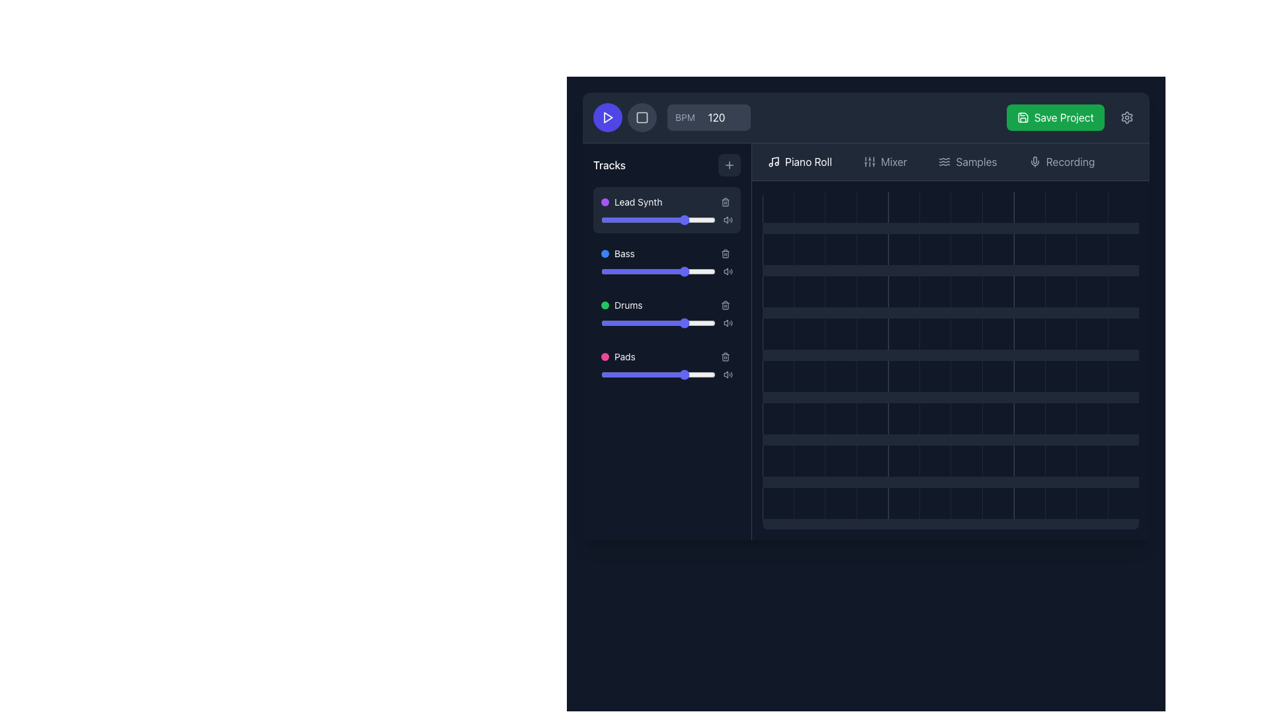 The width and height of the screenshot is (1270, 714). I want to click on the grid cell located in the fifth column and fifth row, which has a dark gray background and is bordered on the left by a gray line, by clicking on it, so click(903, 376).